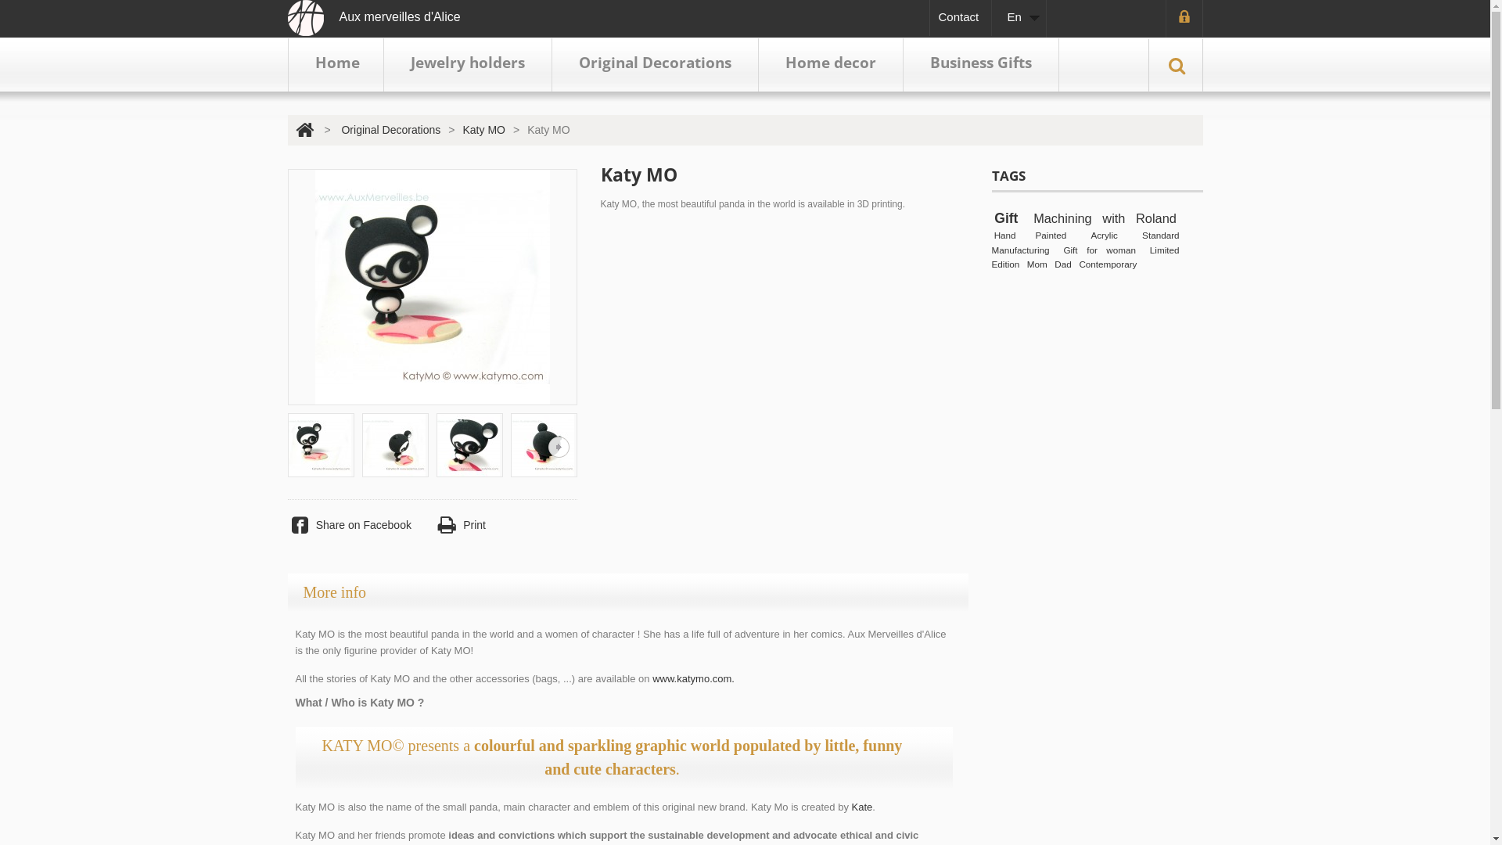 This screenshot has width=1502, height=845. Describe the element at coordinates (304, 128) in the screenshot. I see `'Return to Home'` at that location.